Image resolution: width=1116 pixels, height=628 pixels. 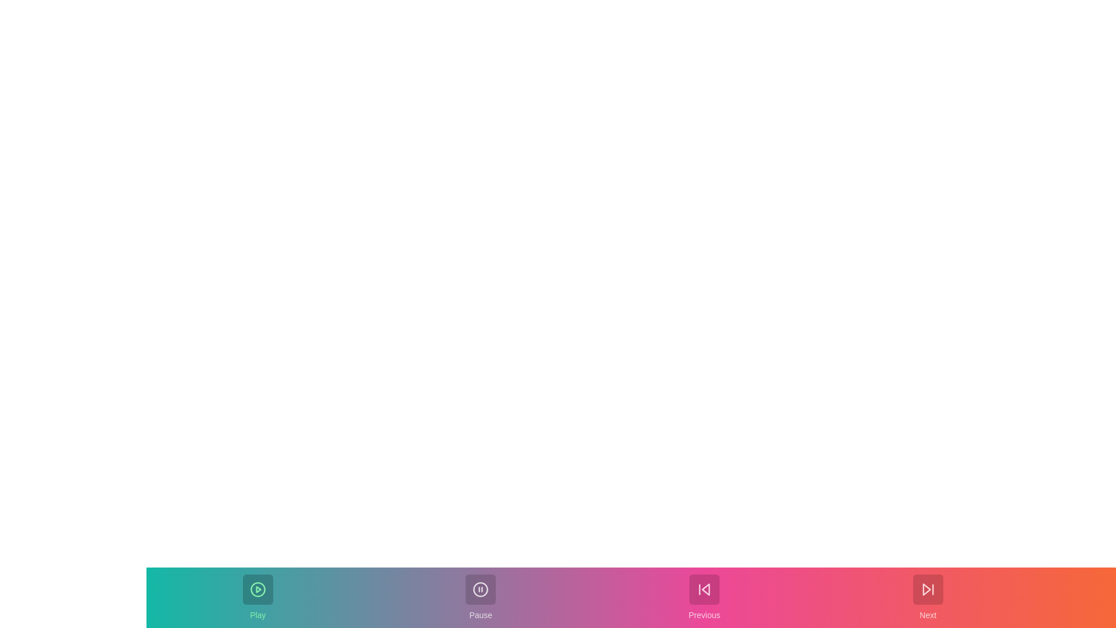 What do you see at coordinates (257, 598) in the screenshot?
I see `Play button to start playback` at bounding box center [257, 598].